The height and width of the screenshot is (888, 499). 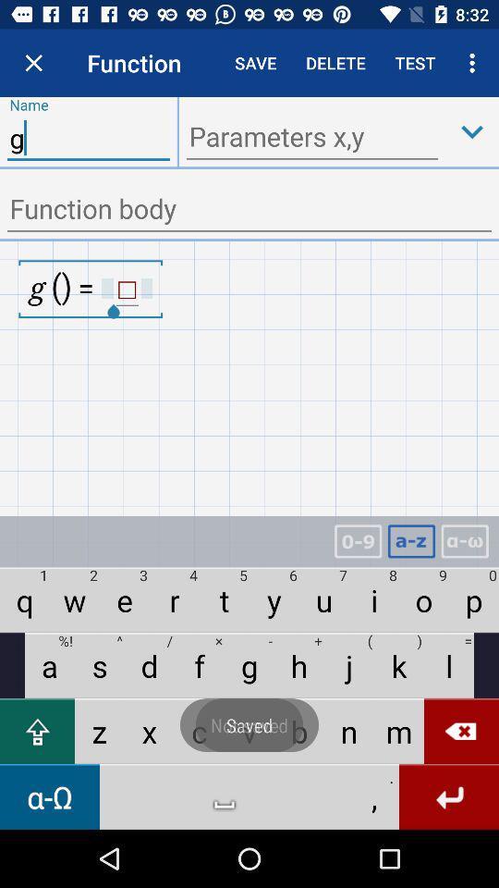 What do you see at coordinates (249, 210) in the screenshot?
I see `necessary information` at bounding box center [249, 210].